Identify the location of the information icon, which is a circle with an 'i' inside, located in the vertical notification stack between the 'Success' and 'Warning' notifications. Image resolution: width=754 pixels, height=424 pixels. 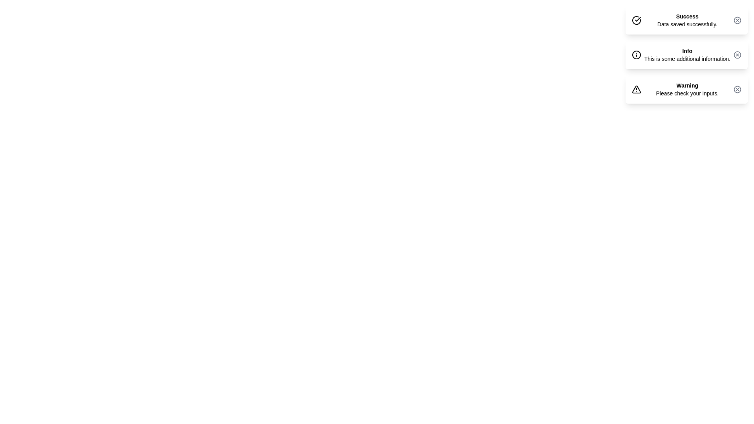
(636, 54).